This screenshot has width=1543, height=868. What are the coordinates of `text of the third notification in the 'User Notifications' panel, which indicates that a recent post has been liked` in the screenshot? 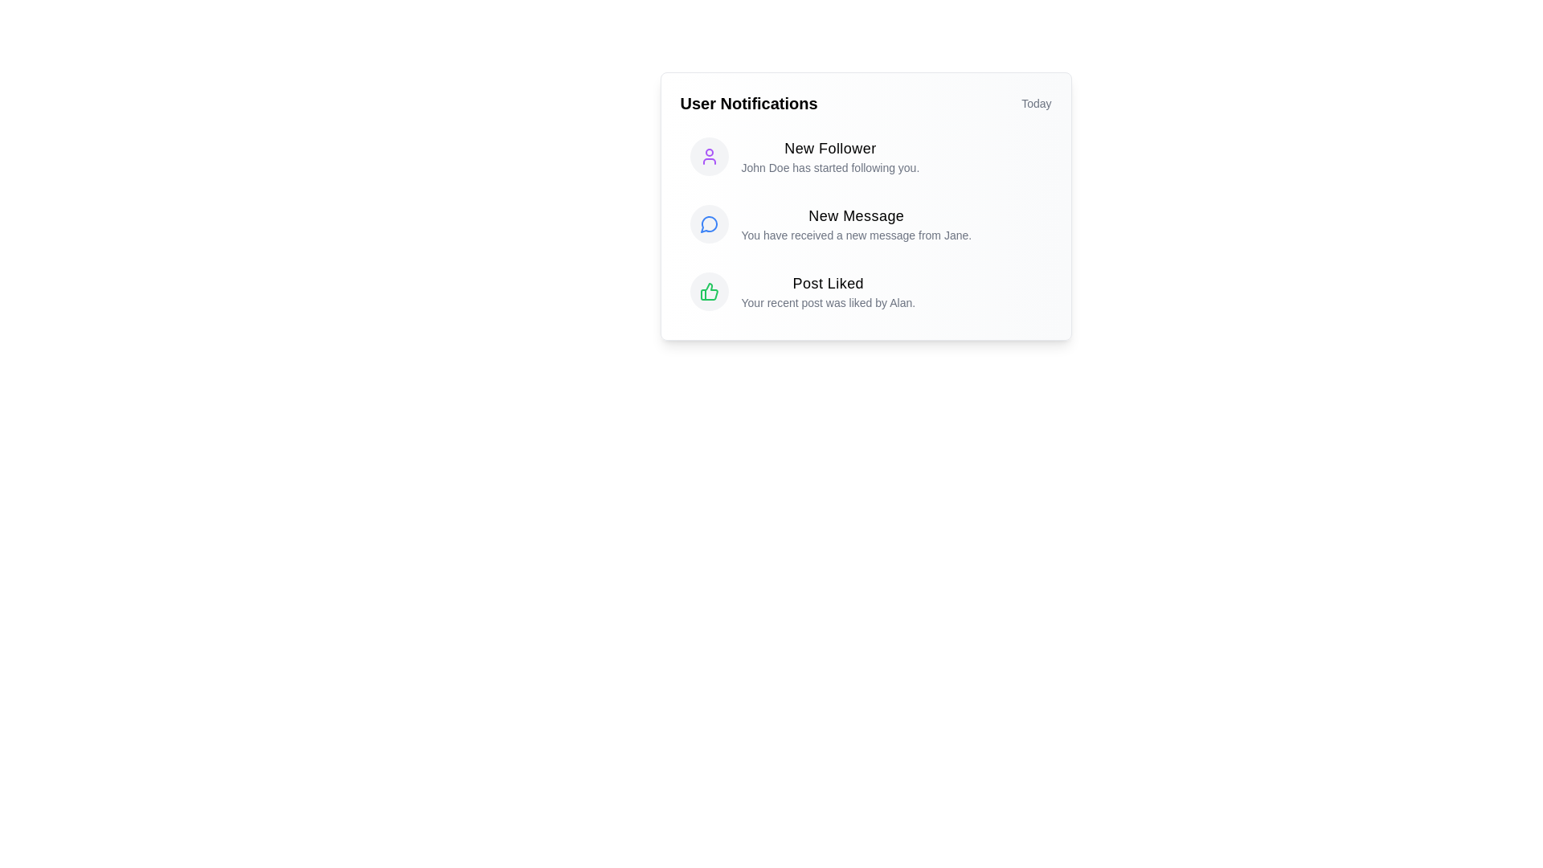 It's located at (828, 283).